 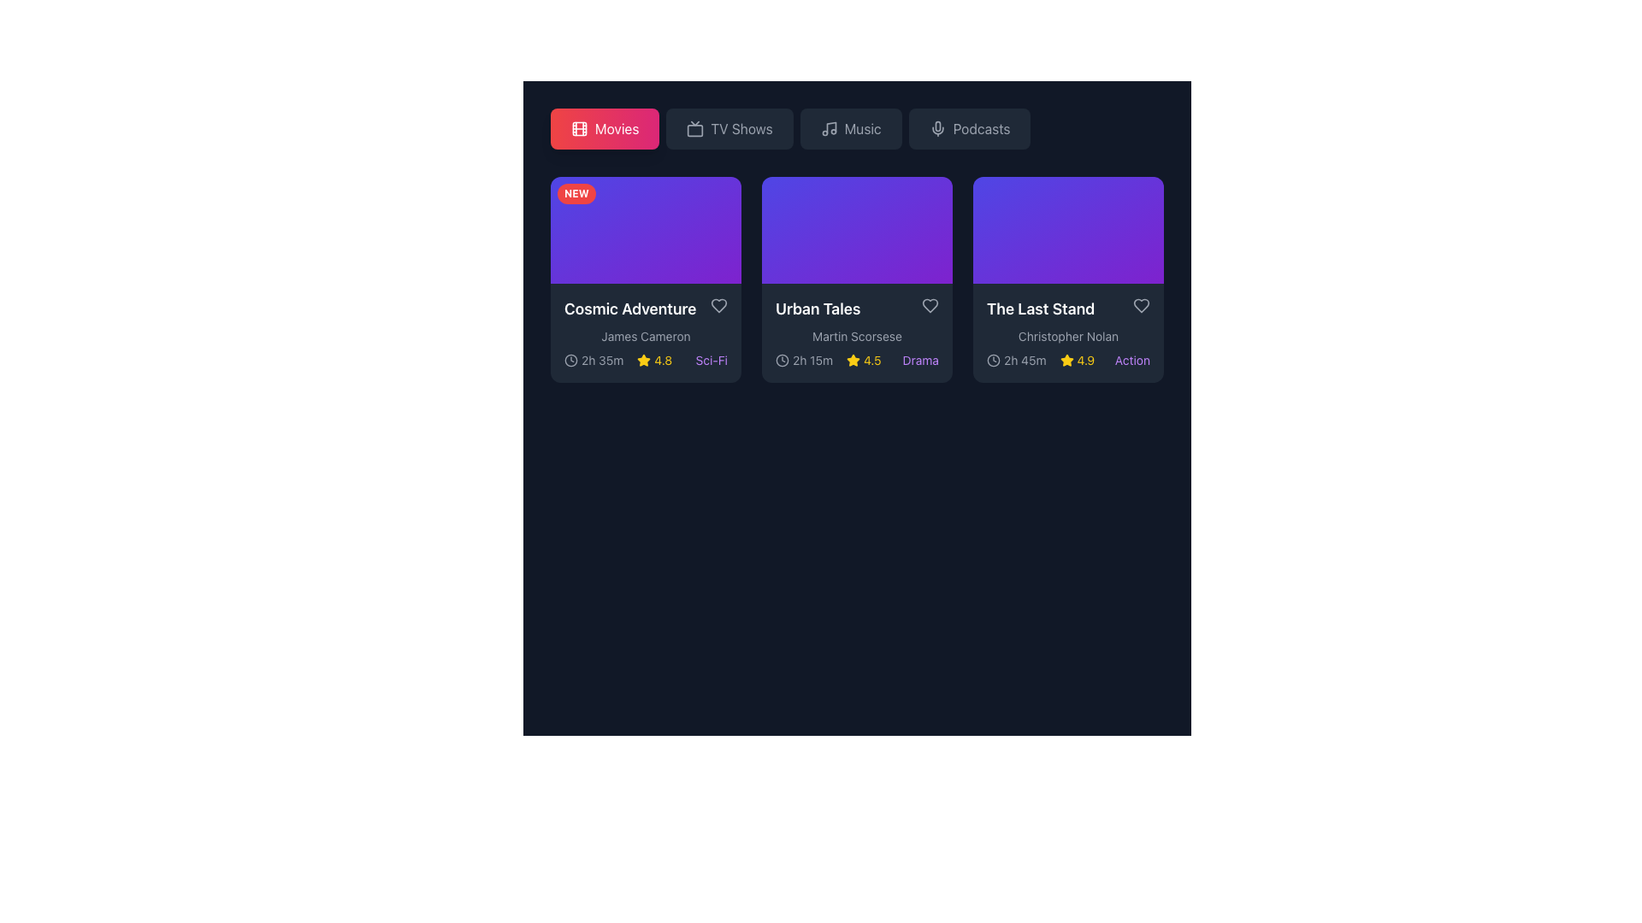 What do you see at coordinates (851, 127) in the screenshot?
I see `the 'Music' button, which has a rounded appearance with a dark background and light gray text` at bounding box center [851, 127].